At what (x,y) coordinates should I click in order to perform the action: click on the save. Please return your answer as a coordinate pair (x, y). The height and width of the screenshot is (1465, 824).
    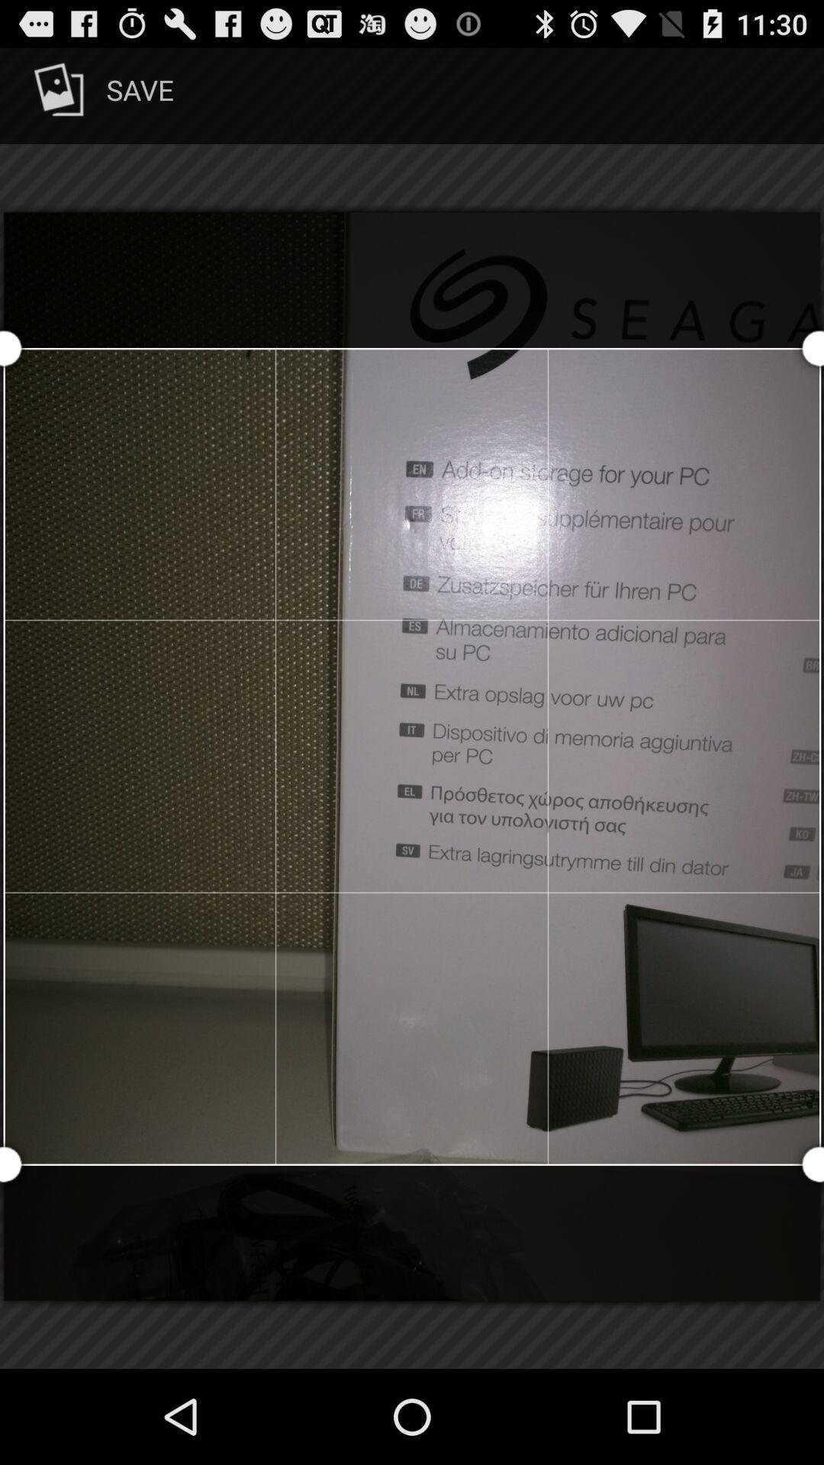
    Looking at the image, I should click on (101, 95).